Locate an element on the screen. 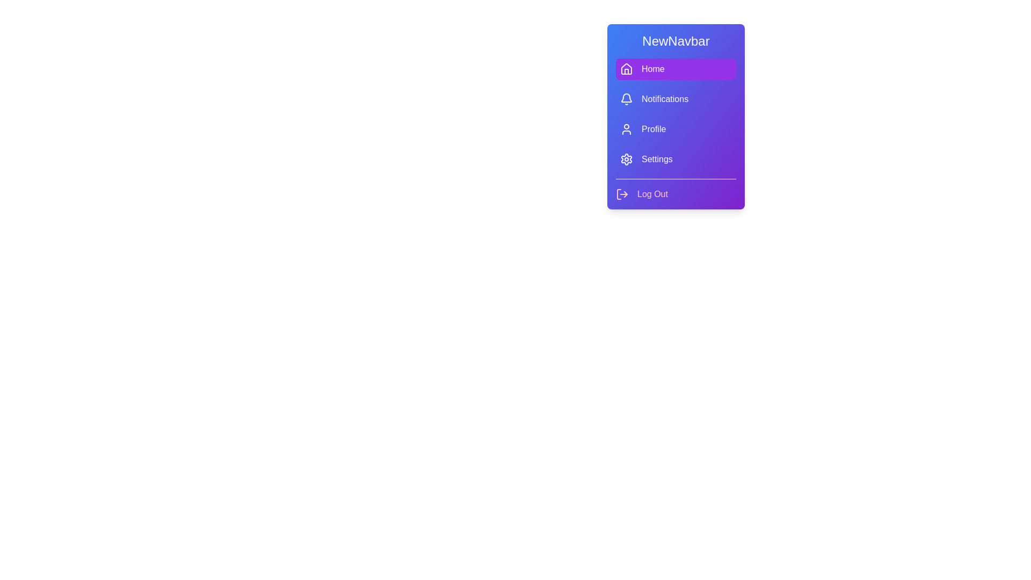  the 'Log Out' button, which is a red button with a right-pointing arrow icon, located at the bottom of the menu, to trigger its hover effect that changes the text color to a deeper red is located at coordinates (642, 194).